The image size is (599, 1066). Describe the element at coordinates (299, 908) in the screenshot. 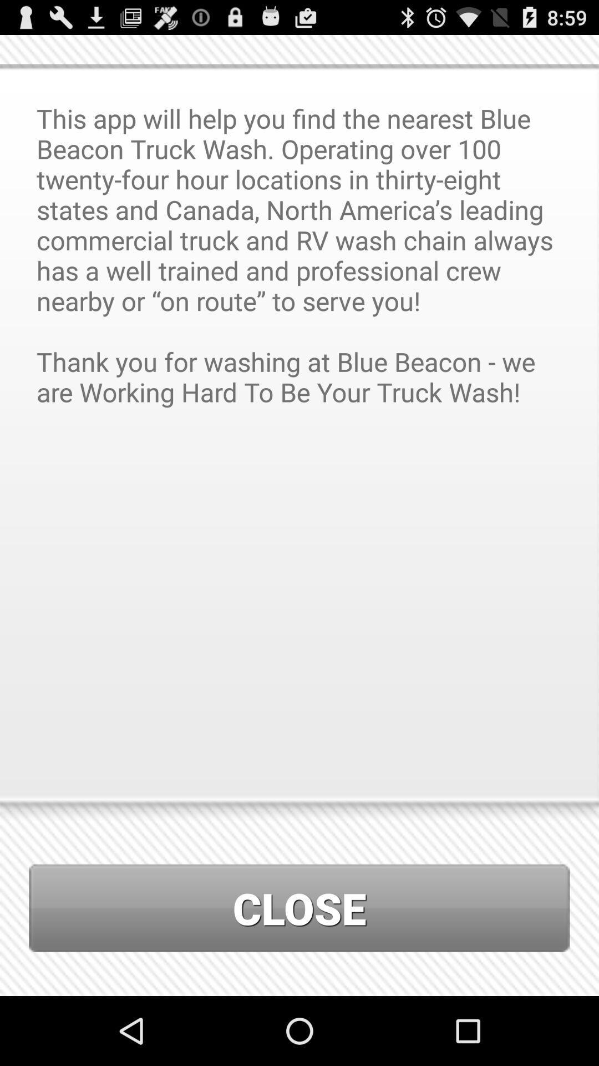

I see `close item` at that location.